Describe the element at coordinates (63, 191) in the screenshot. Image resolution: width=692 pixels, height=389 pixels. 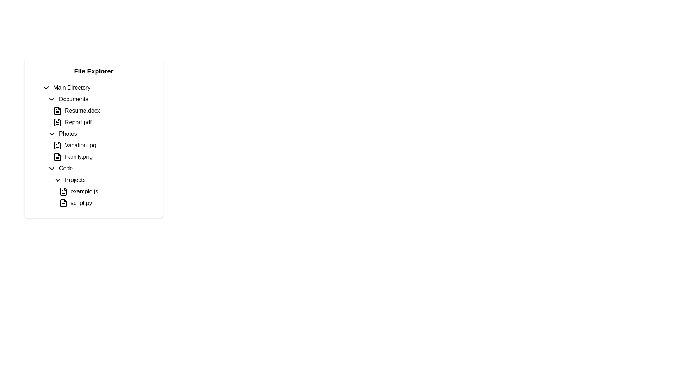
I see `the file icon styled as a rectangular document that represents a JavaScript file, positioned` at that location.